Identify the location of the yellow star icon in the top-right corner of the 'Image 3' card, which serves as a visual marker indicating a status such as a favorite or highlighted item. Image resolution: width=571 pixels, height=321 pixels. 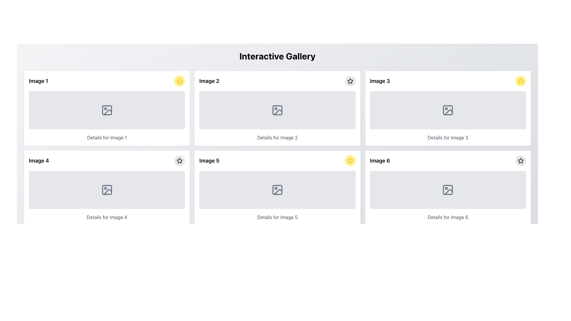
(520, 81).